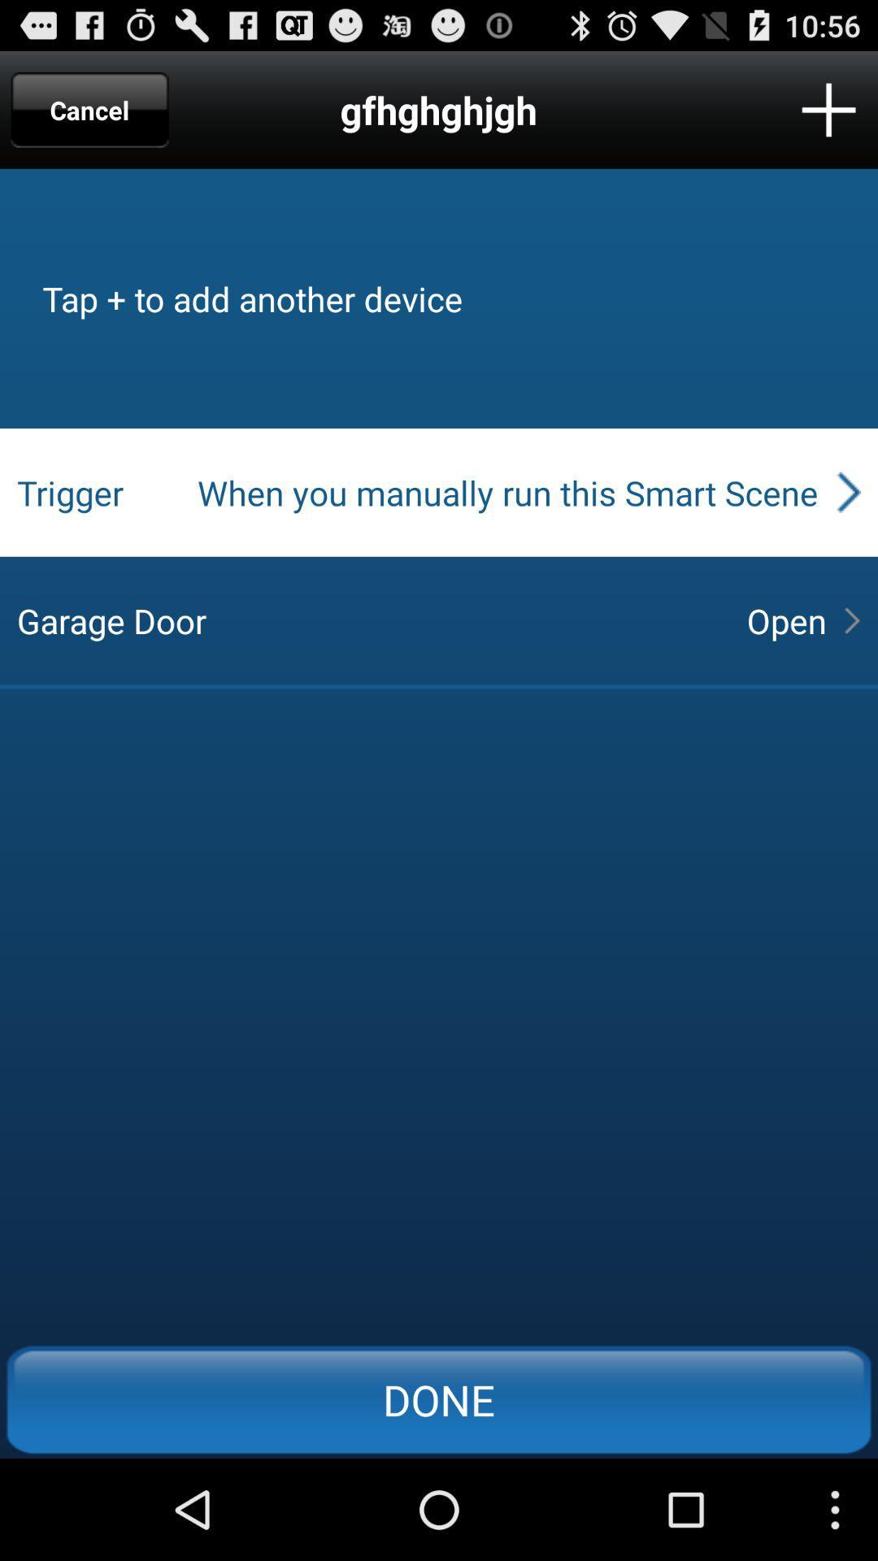 The height and width of the screenshot is (1561, 878). I want to click on the item below when you manually item, so click(785, 620).